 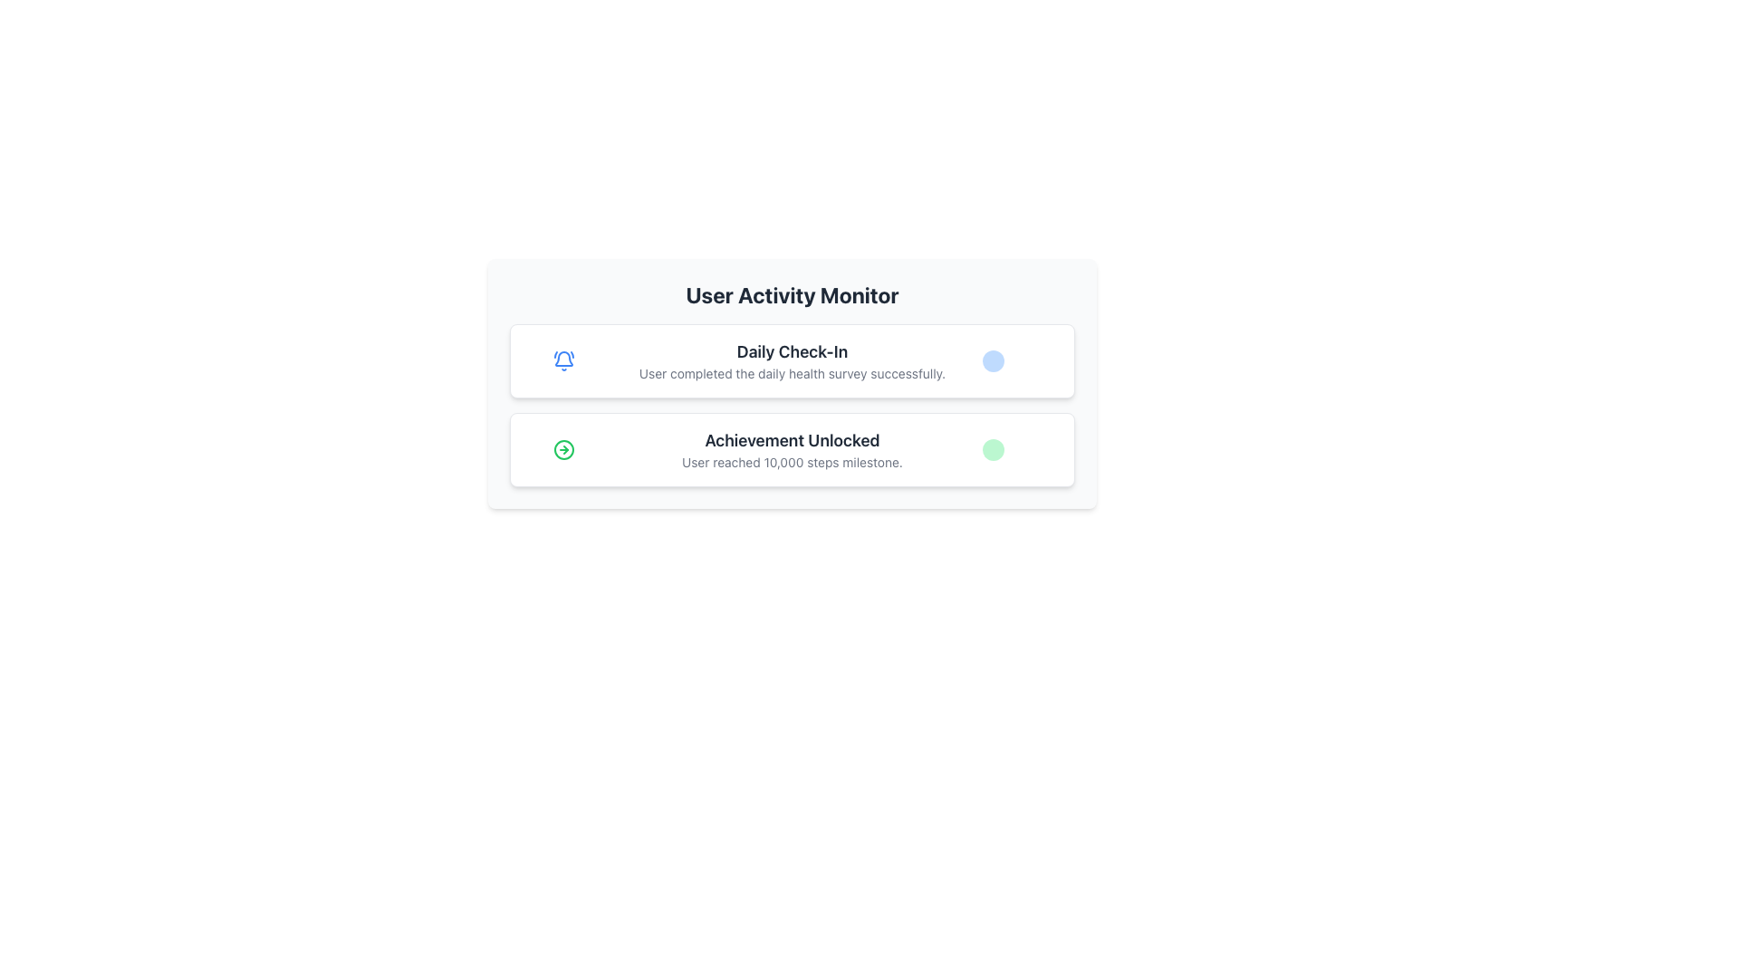 What do you see at coordinates (792, 372) in the screenshot?
I see `the text label that indicates the completion status of the user's daily health survey, located beneath the 'Daily Check-In' header in the 'User Activity Monitor' interface` at bounding box center [792, 372].